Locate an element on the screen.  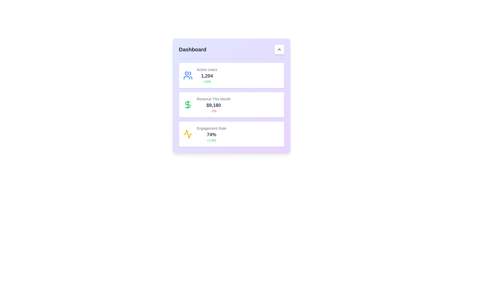
the circular icon component with a blue outline and white fill, located at the top-left corner of the dashboard panel, next to the 'Active Users' card heading is located at coordinates (186, 73).